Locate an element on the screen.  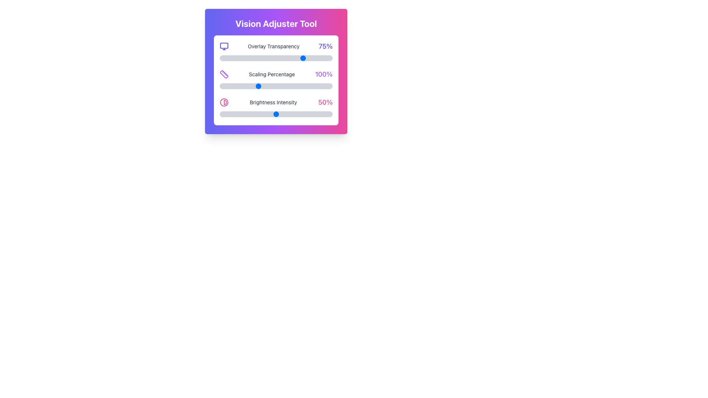
the circular pink contrast symbol icon located to the left of the 'Brightness Intensity 50%' text label is located at coordinates (224, 102).